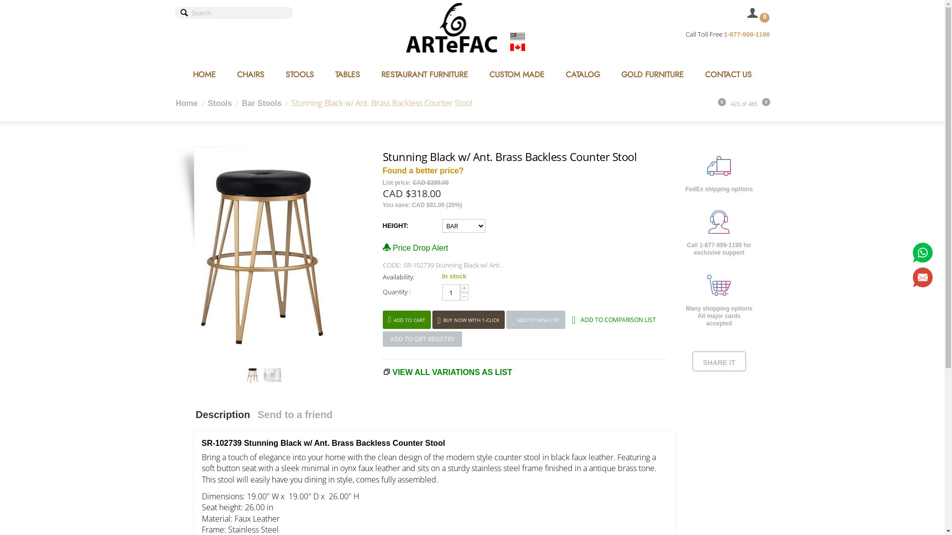  Describe the element at coordinates (728, 74) in the screenshot. I see `'CONTACT US'` at that location.